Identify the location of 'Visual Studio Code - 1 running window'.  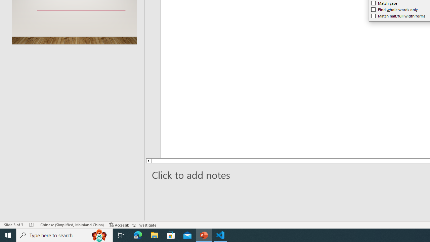
(220, 235).